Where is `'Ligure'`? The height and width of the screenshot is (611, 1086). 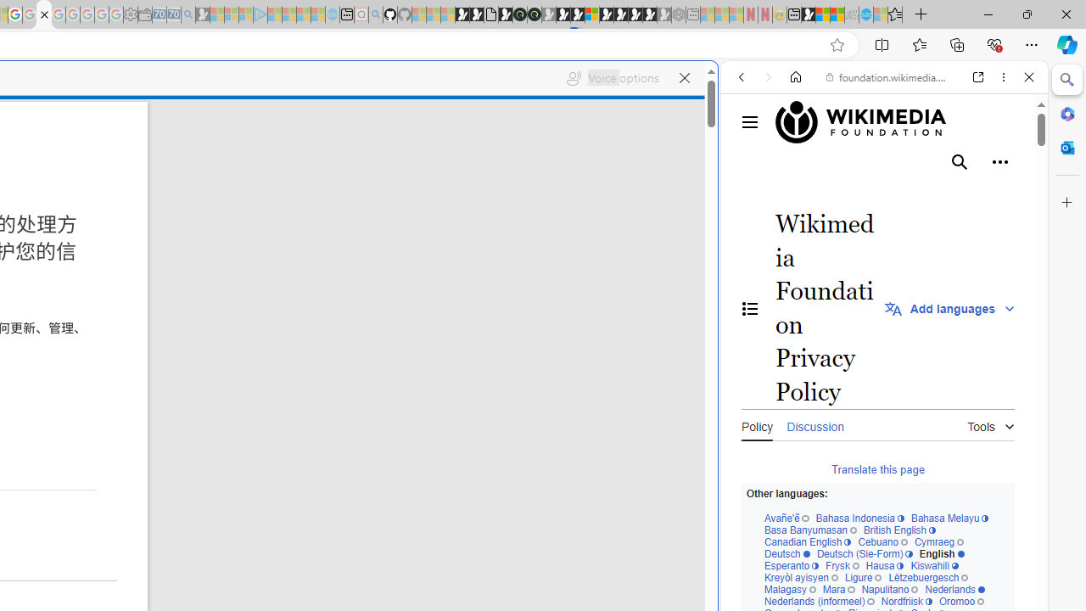 'Ligure' is located at coordinates (862, 577).